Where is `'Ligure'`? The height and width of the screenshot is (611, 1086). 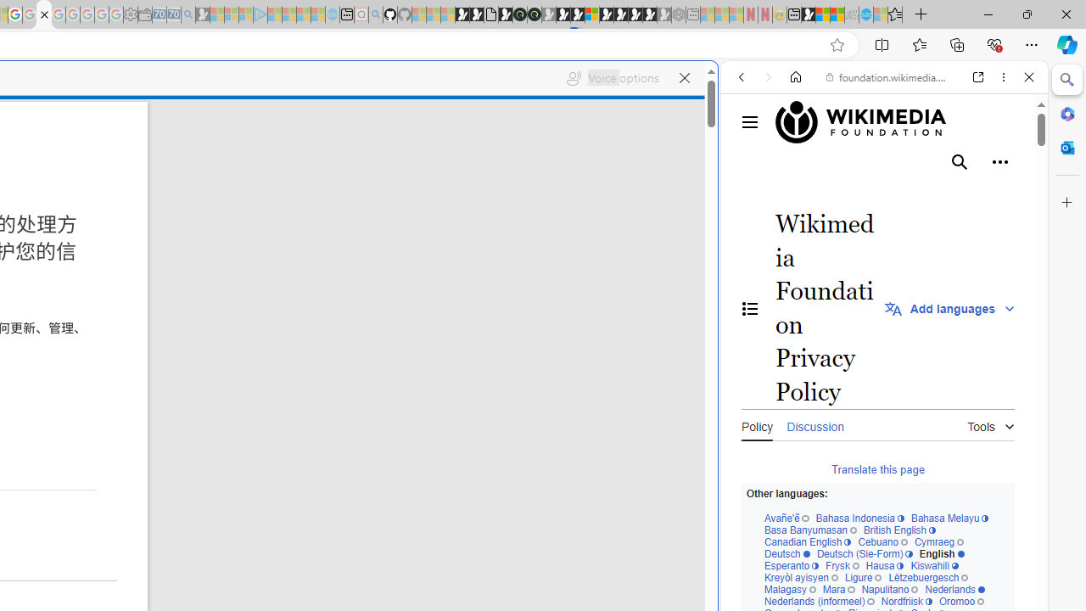 'Ligure' is located at coordinates (862, 577).